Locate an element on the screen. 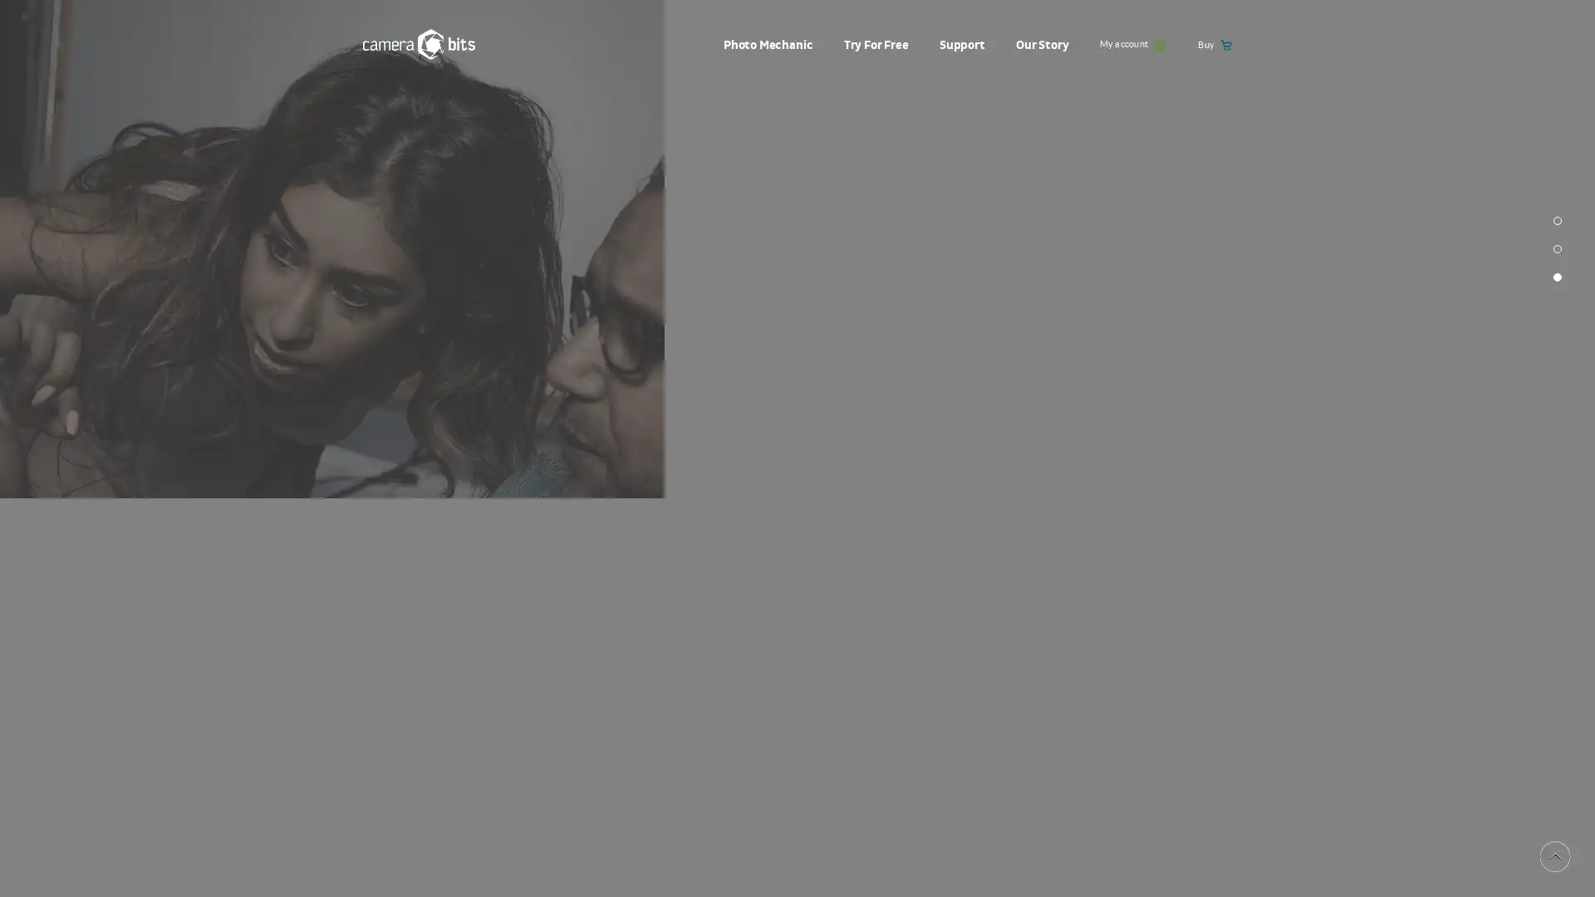  3 is located at coordinates (1557, 477).